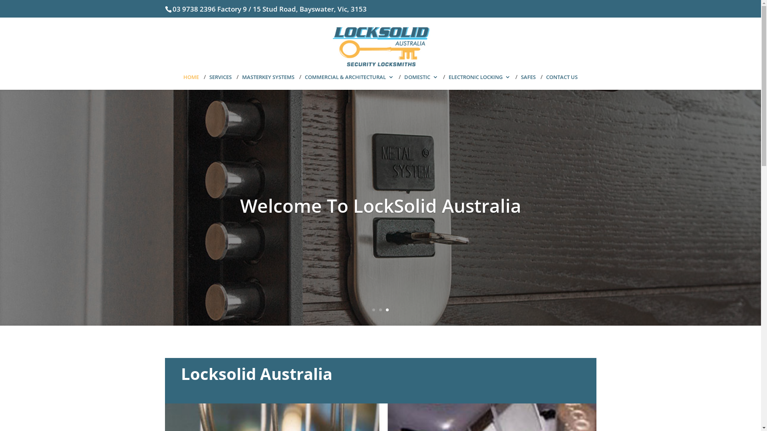 Image resolution: width=767 pixels, height=431 pixels. Describe the element at coordinates (372, 309) in the screenshot. I see `'1'` at that location.